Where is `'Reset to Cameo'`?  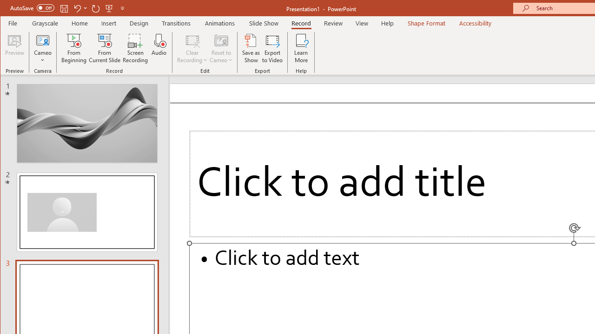 'Reset to Cameo' is located at coordinates (221, 48).